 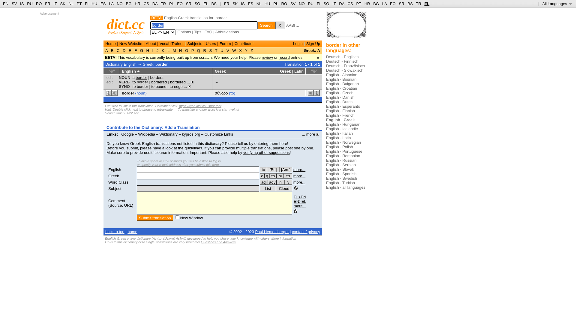 What do you see at coordinates (339, 101) in the screenshot?
I see `'English - Dutch'` at bounding box center [339, 101].